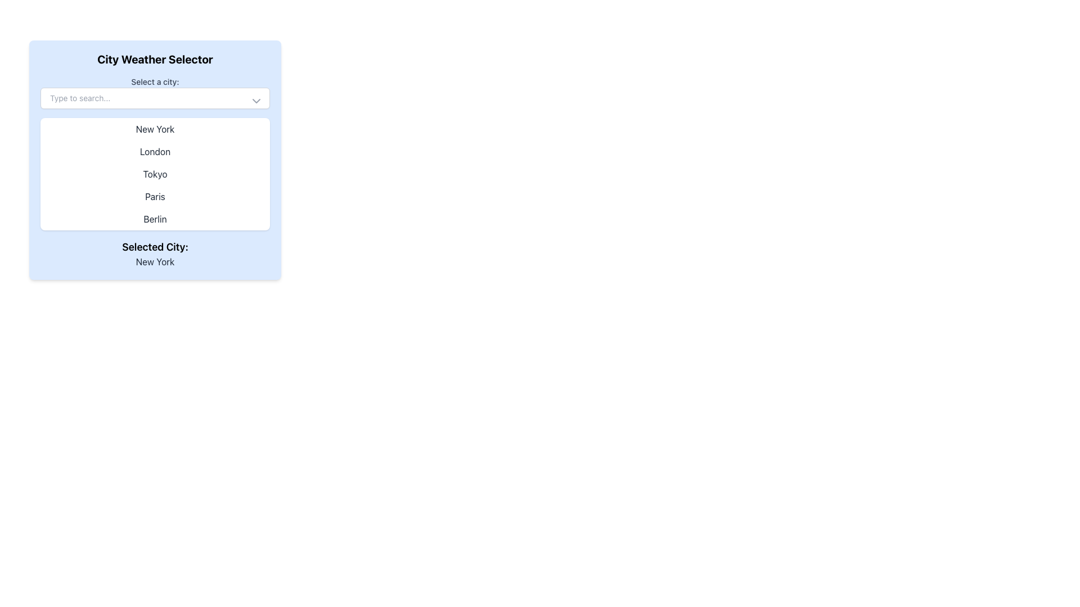  Describe the element at coordinates (154, 160) in the screenshot. I see `the dropdown list item for 'London'` at that location.